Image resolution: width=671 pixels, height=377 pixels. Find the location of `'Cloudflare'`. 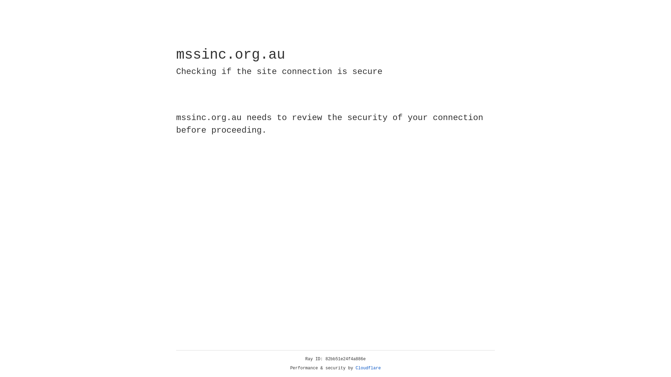

'Cloudflare' is located at coordinates (355, 368).